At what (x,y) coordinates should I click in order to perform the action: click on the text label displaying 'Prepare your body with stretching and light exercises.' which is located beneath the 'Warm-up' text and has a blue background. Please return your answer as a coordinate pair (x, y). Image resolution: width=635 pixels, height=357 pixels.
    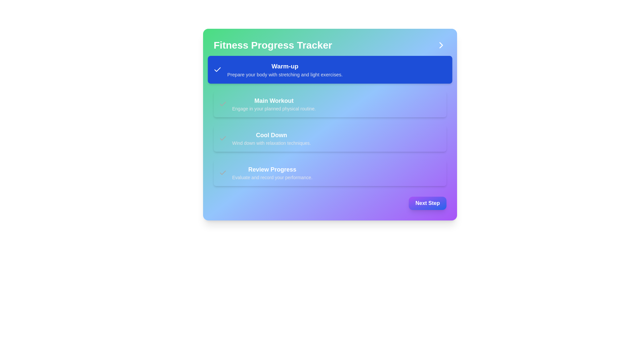
    Looking at the image, I should click on (285, 74).